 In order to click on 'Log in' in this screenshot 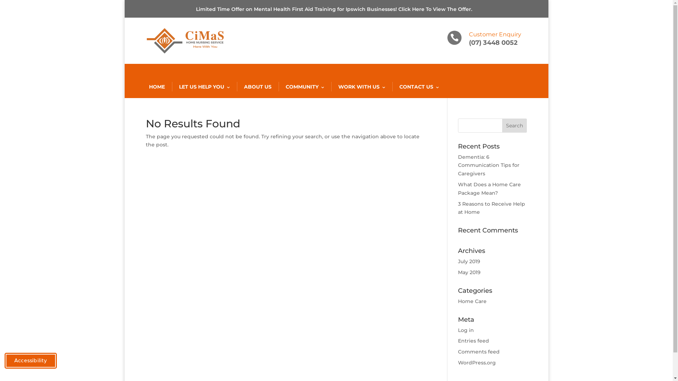, I will do `click(466, 330)`.